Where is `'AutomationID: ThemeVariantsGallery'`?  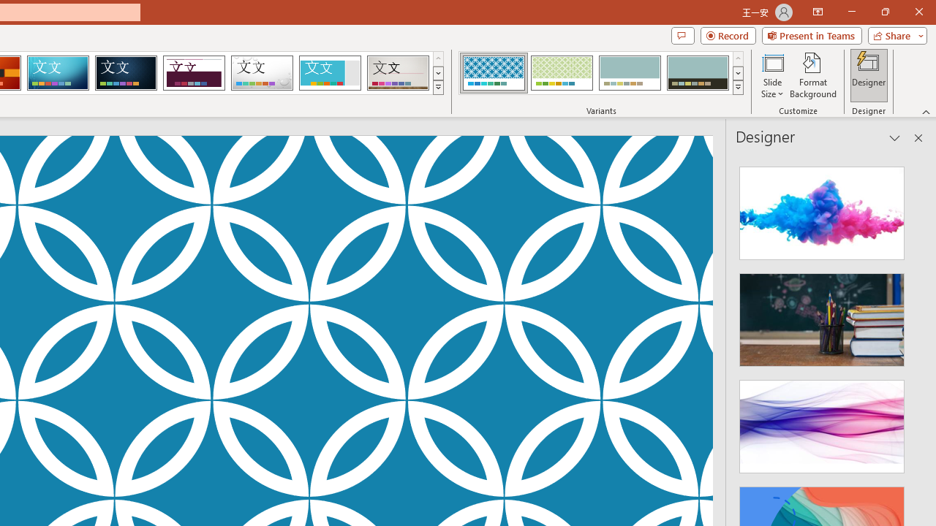
'AutomationID: ThemeVariantsGallery' is located at coordinates (602, 73).